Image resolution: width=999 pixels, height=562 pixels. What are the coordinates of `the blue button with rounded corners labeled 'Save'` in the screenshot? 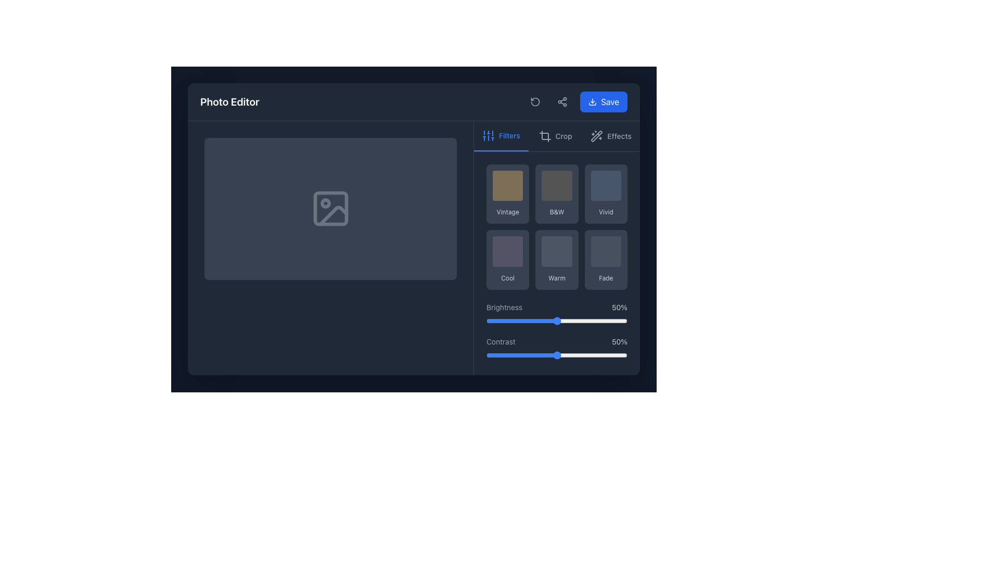 It's located at (604, 102).